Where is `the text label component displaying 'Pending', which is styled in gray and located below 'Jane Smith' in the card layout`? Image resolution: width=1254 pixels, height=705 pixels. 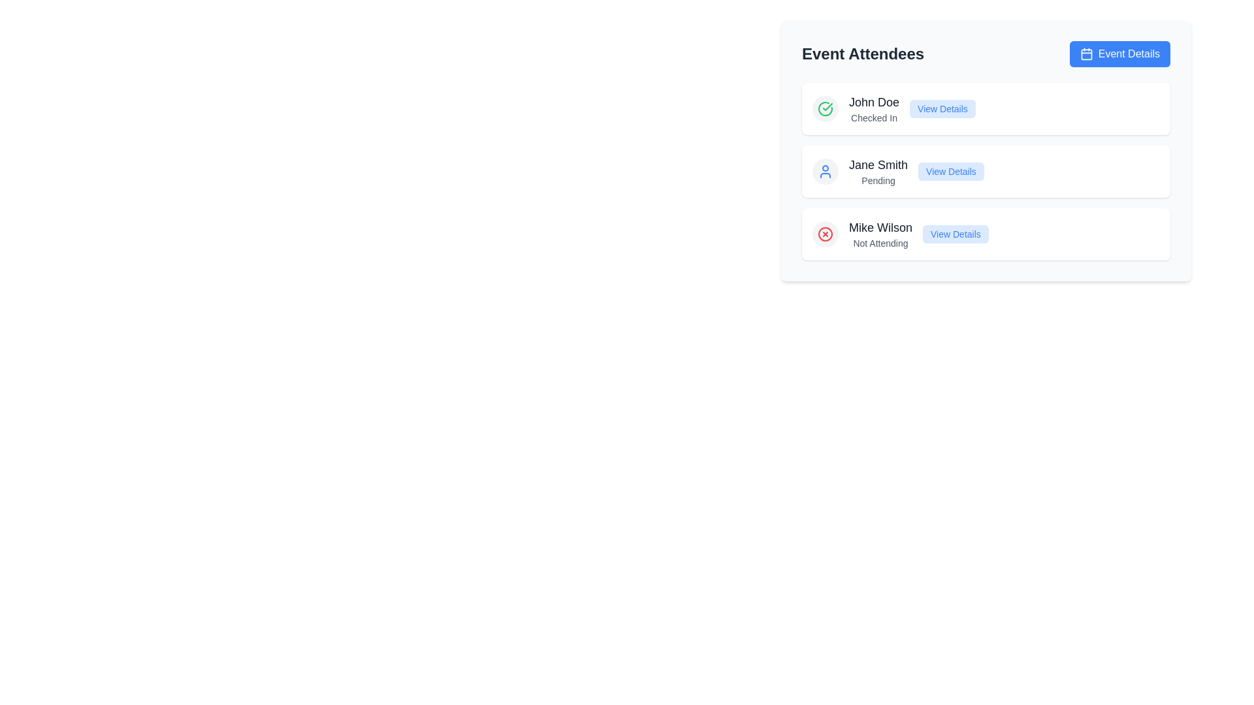 the text label component displaying 'Pending', which is styled in gray and located below 'Jane Smith' in the card layout is located at coordinates (878, 181).